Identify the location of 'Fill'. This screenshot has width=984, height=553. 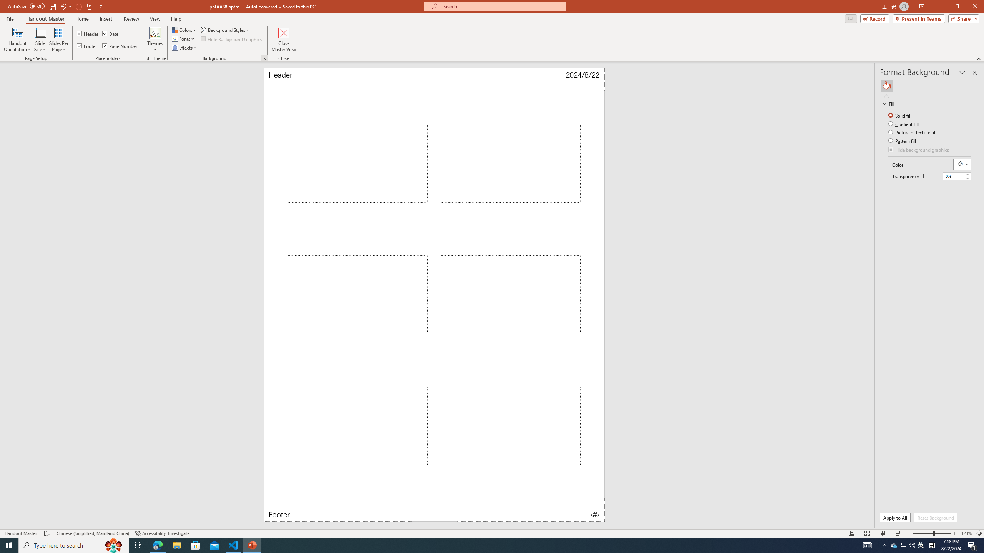
(926, 103).